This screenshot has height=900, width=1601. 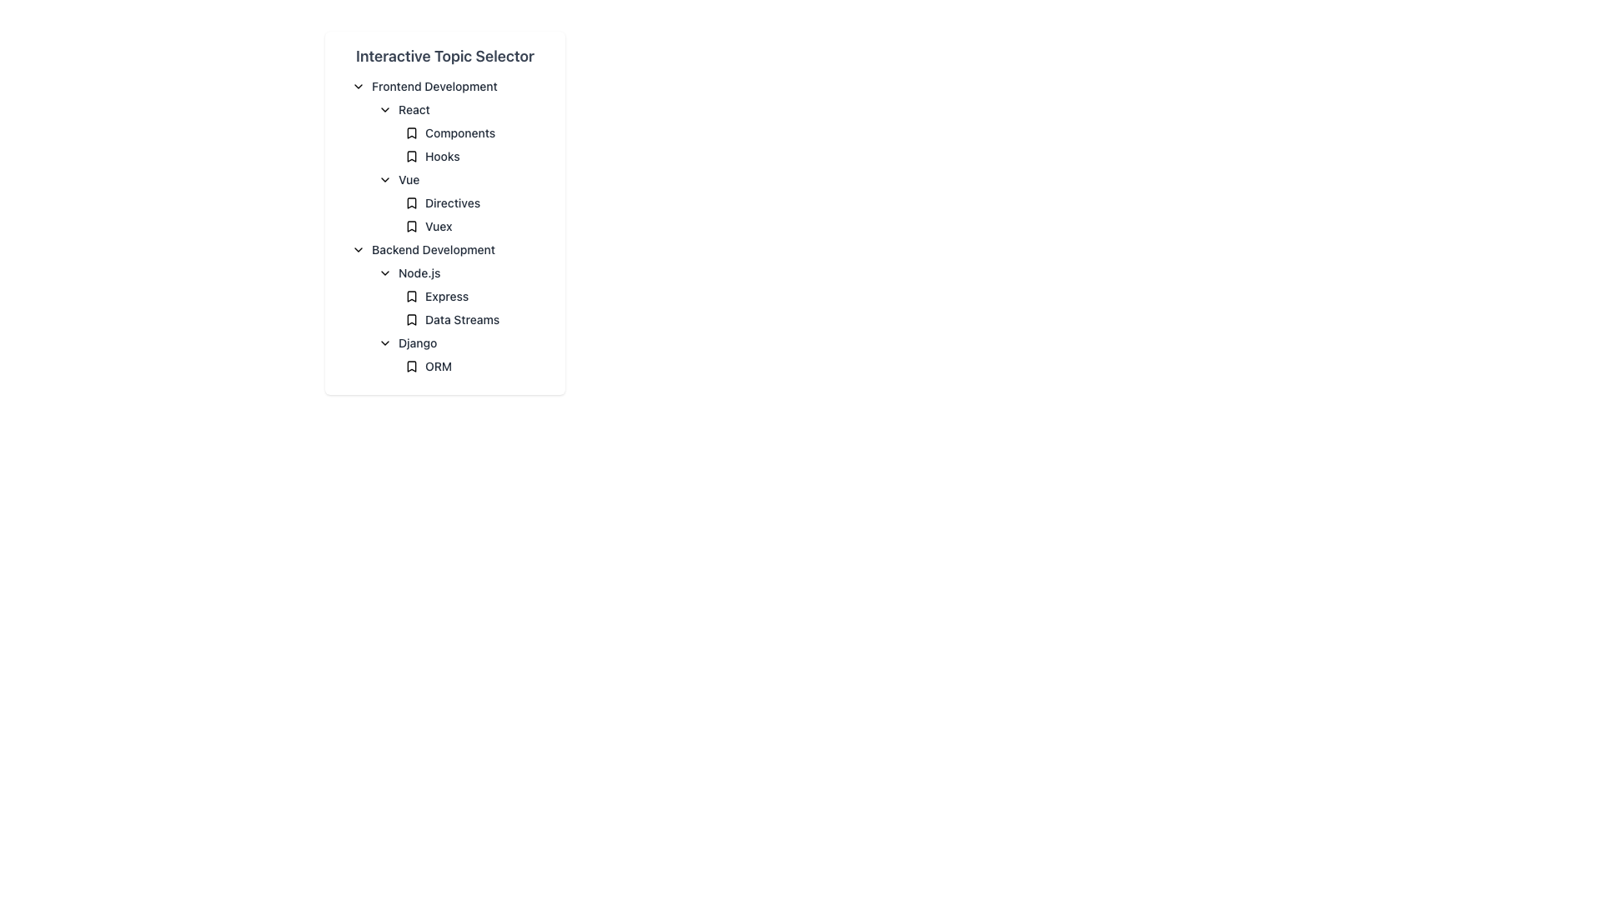 I want to click on the dropdown indicator icon located to the left of the 'Django' text in the 'Backend Development' section of the 'Interactive Topic Selector' panel, so click(x=384, y=342).